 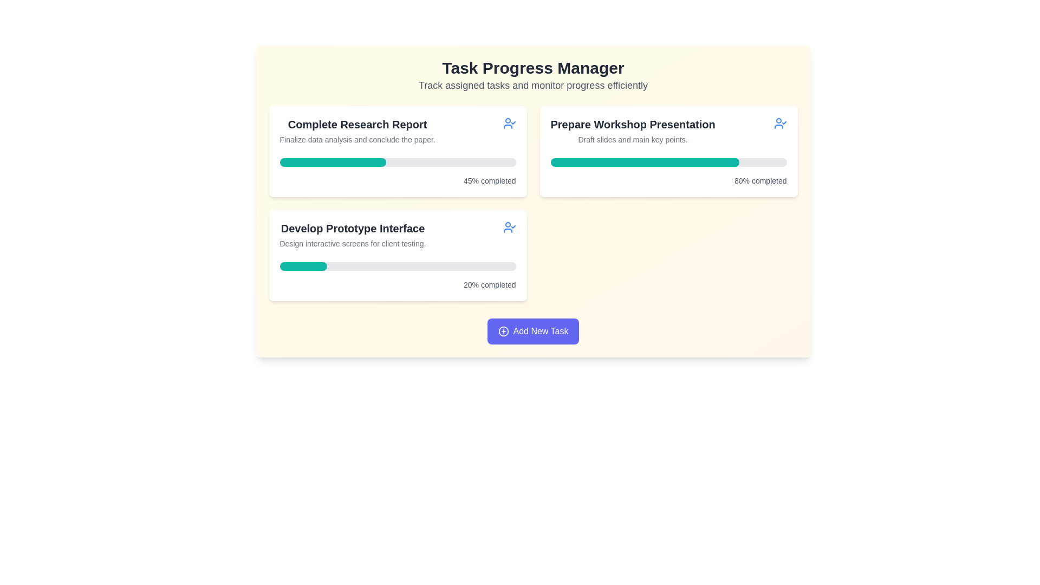 What do you see at coordinates (353, 244) in the screenshot?
I see `text content that says 'Design interactive screens for client testing.' located in the lower portion of the card labeled 'Develop Prototype Interface'` at bounding box center [353, 244].